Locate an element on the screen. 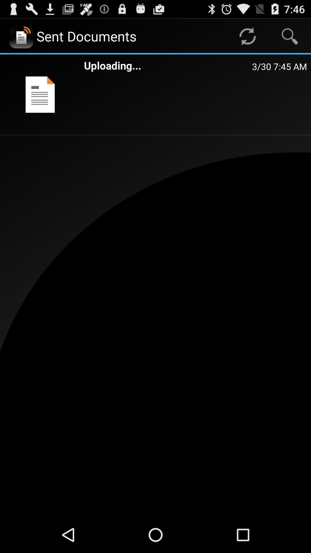 This screenshot has width=311, height=553. 3 30 7 app is located at coordinates (279, 66).